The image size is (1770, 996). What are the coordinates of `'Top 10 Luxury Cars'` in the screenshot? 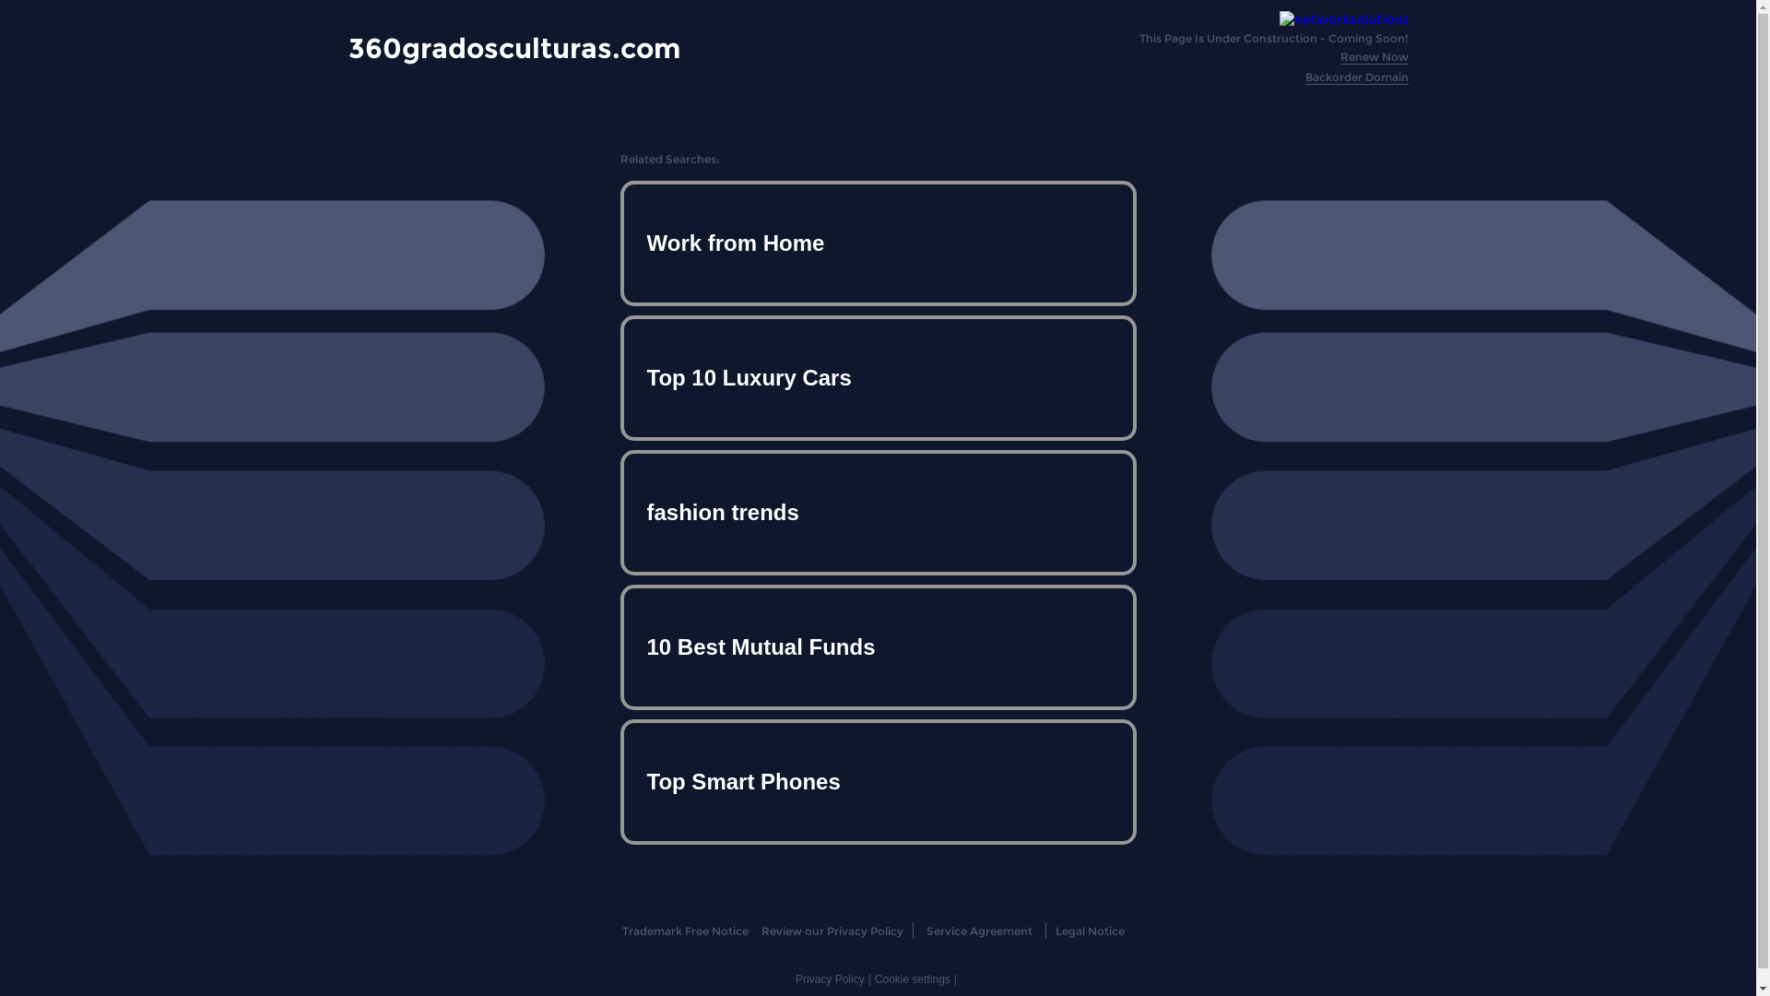 It's located at (876, 376).